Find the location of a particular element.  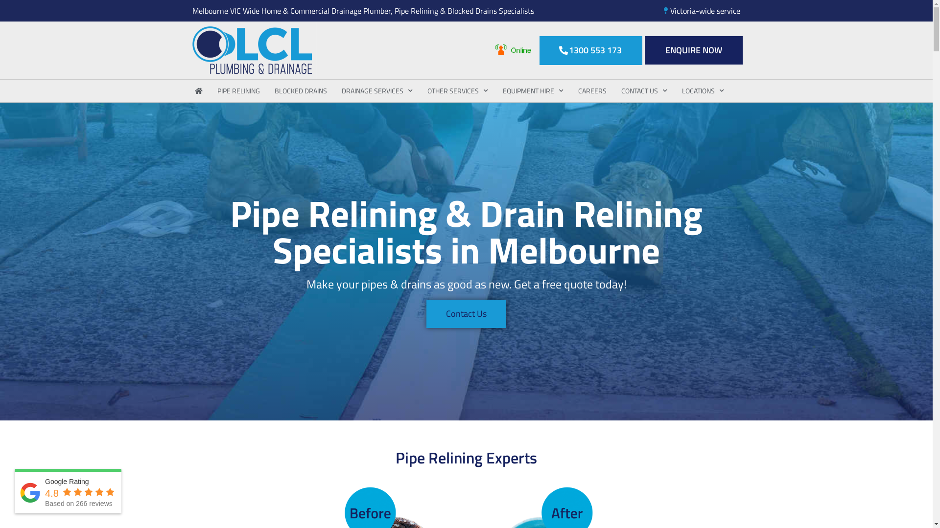

'ENQUIRE NOW' is located at coordinates (693, 50).